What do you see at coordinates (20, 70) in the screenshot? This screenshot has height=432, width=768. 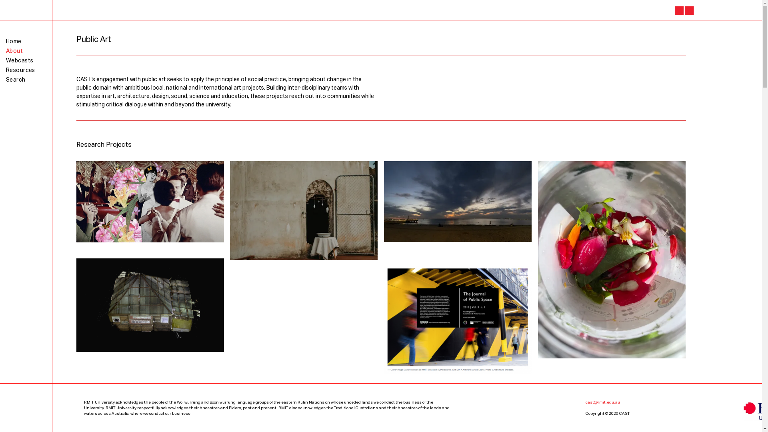 I see `'Resources'` at bounding box center [20, 70].